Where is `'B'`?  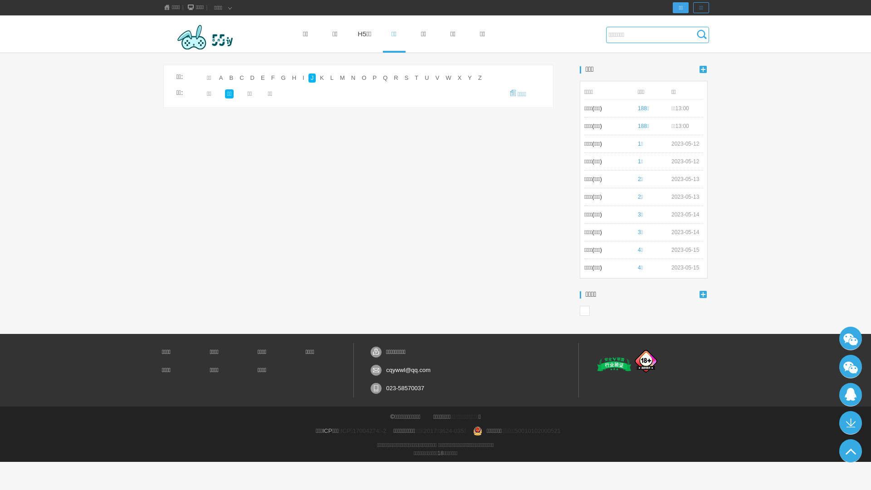
'B' is located at coordinates (231, 78).